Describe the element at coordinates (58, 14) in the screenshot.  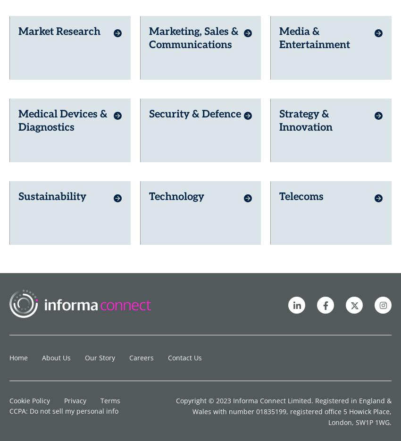
I see `'Market Research'` at that location.